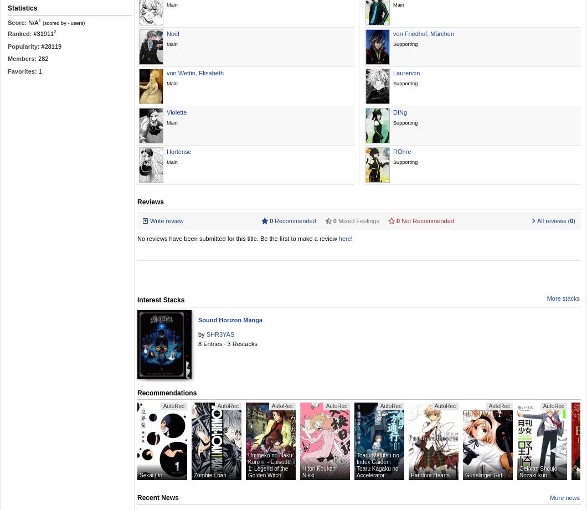  What do you see at coordinates (22, 8) in the screenshot?
I see `'Statistics'` at bounding box center [22, 8].